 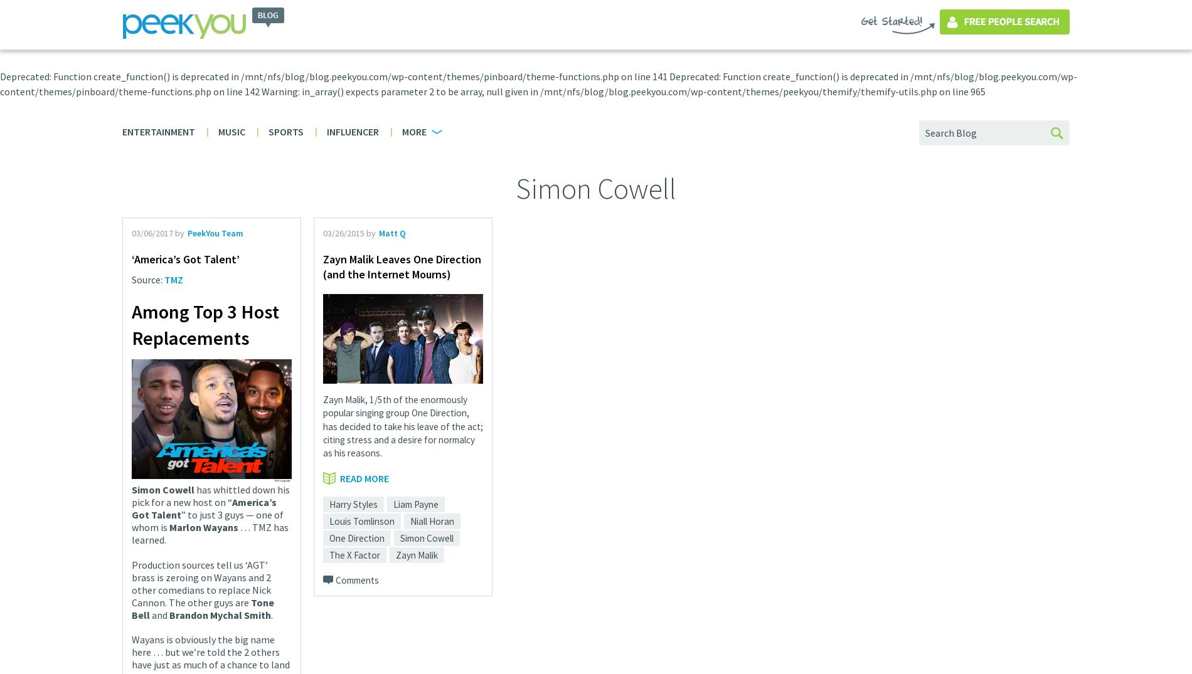 What do you see at coordinates (417, 554) in the screenshot?
I see `'Zayn Malik'` at bounding box center [417, 554].